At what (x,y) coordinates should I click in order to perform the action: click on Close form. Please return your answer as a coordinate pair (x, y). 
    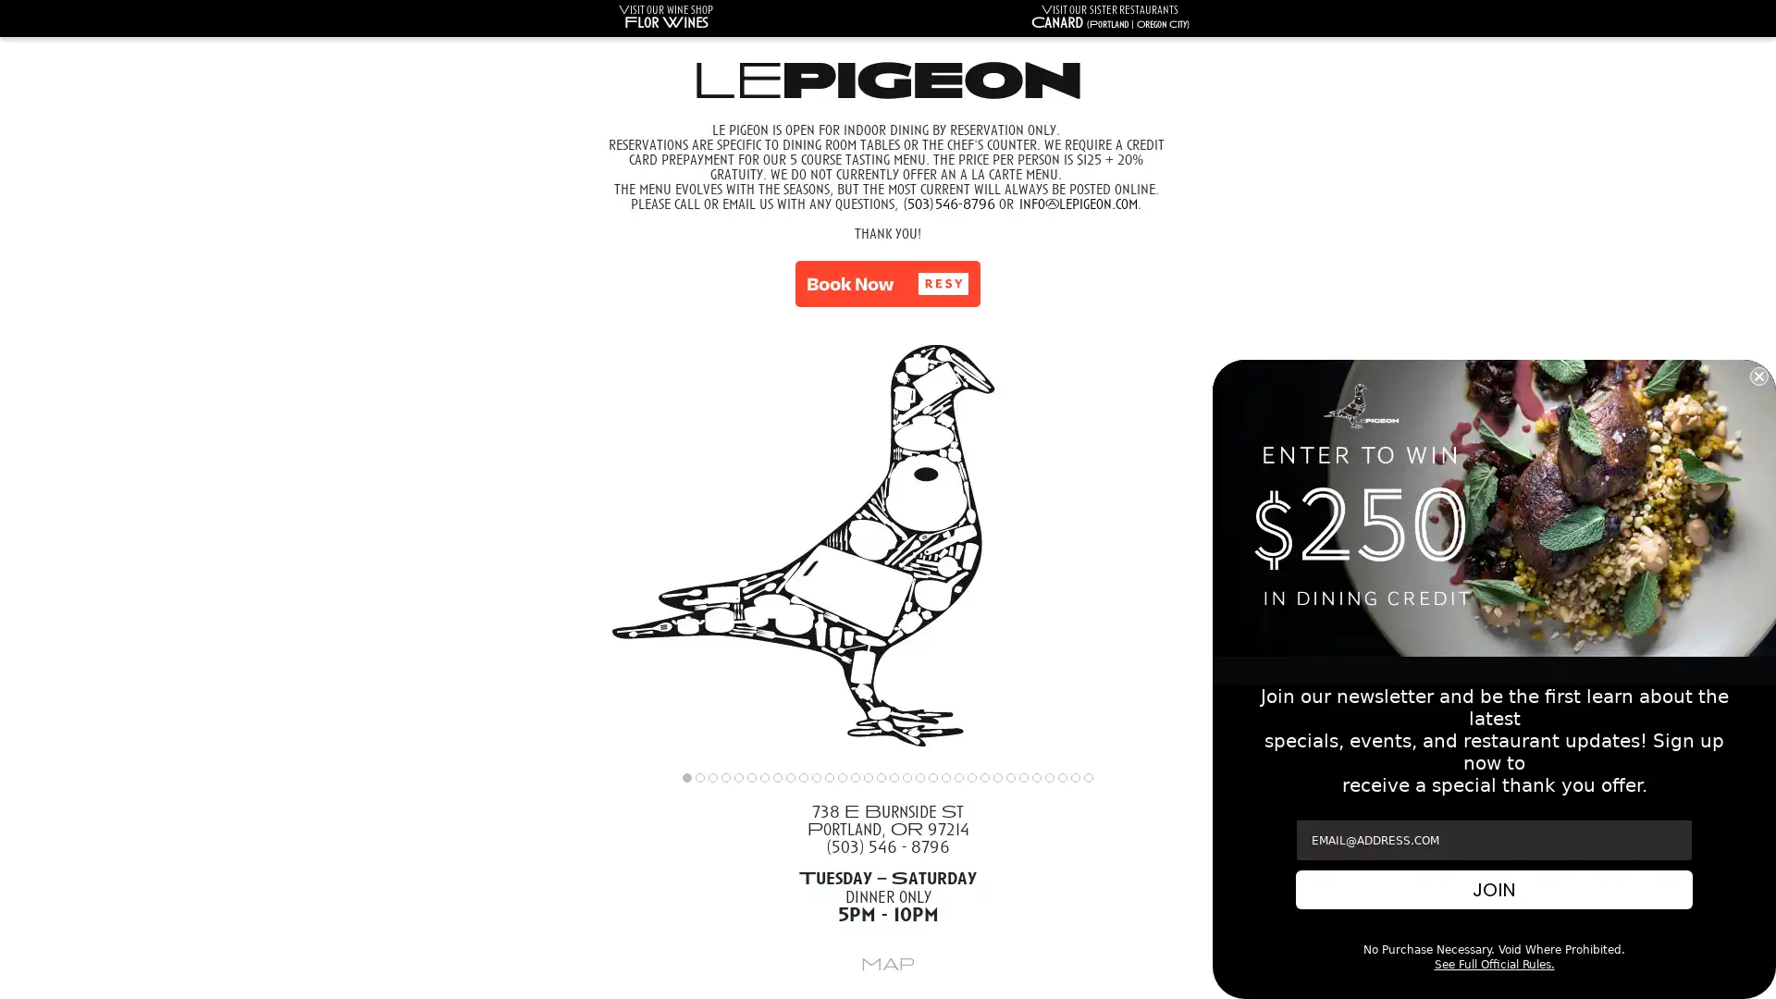
    Looking at the image, I should click on (1757, 375).